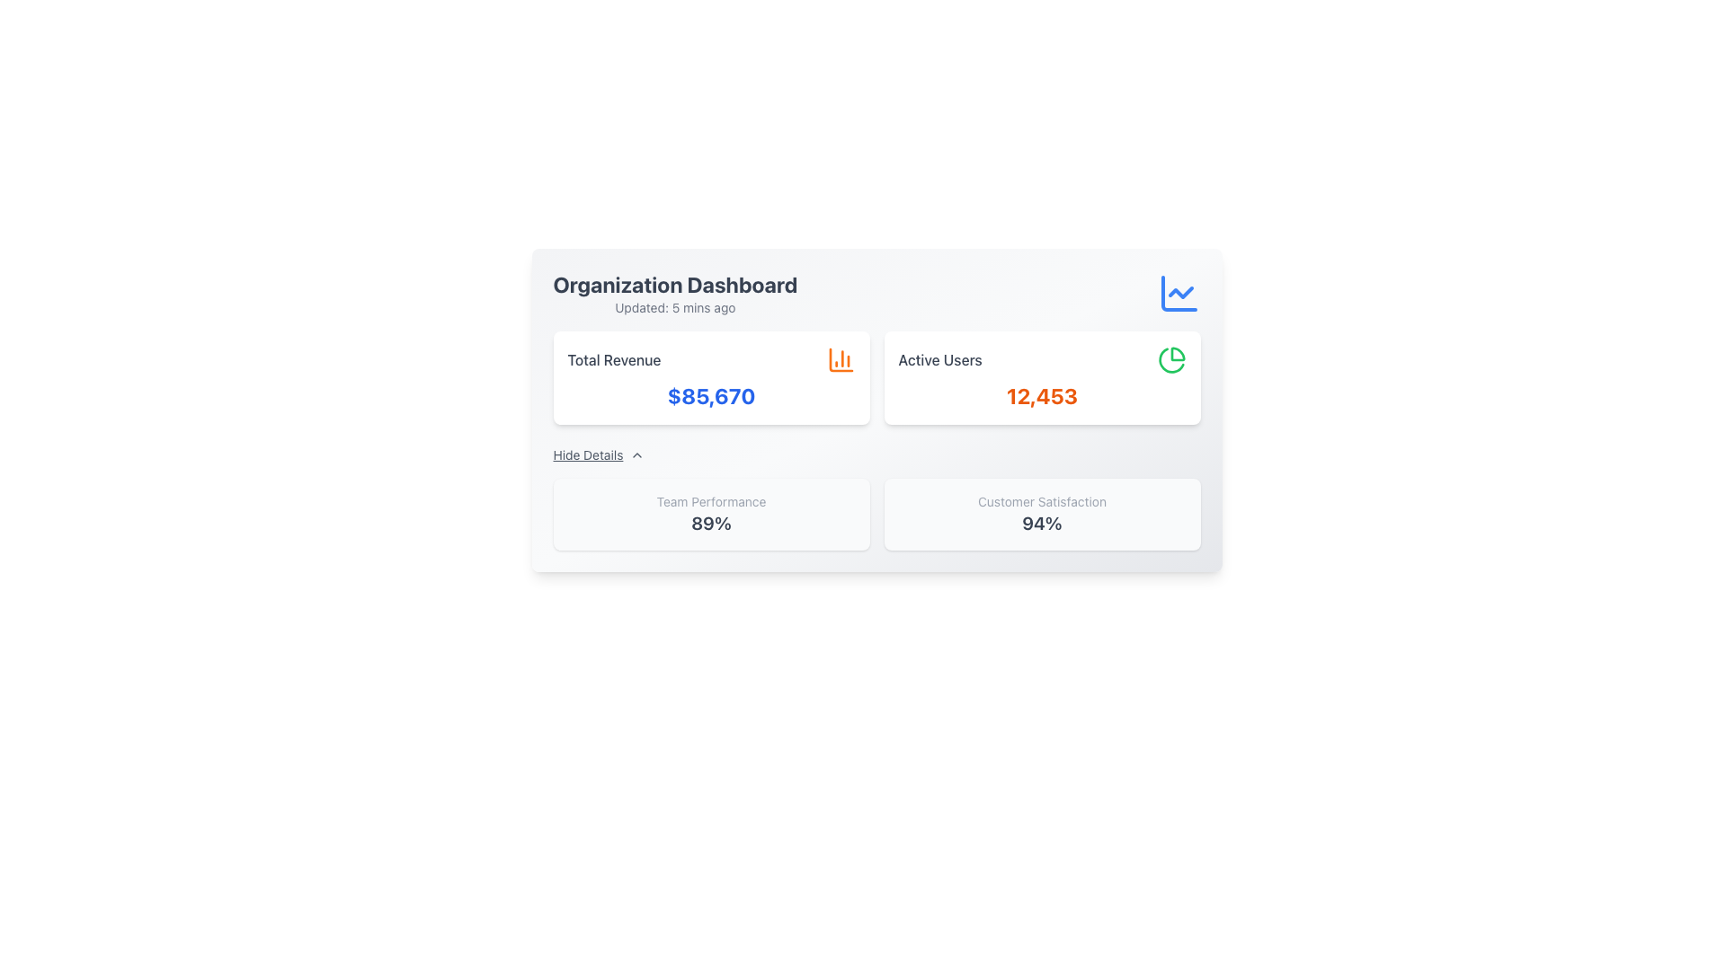  Describe the element at coordinates (674, 283) in the screenshot. I see `title of the section indicated by the text heading located at the top of the card-like section for organizational metrics` at that location.